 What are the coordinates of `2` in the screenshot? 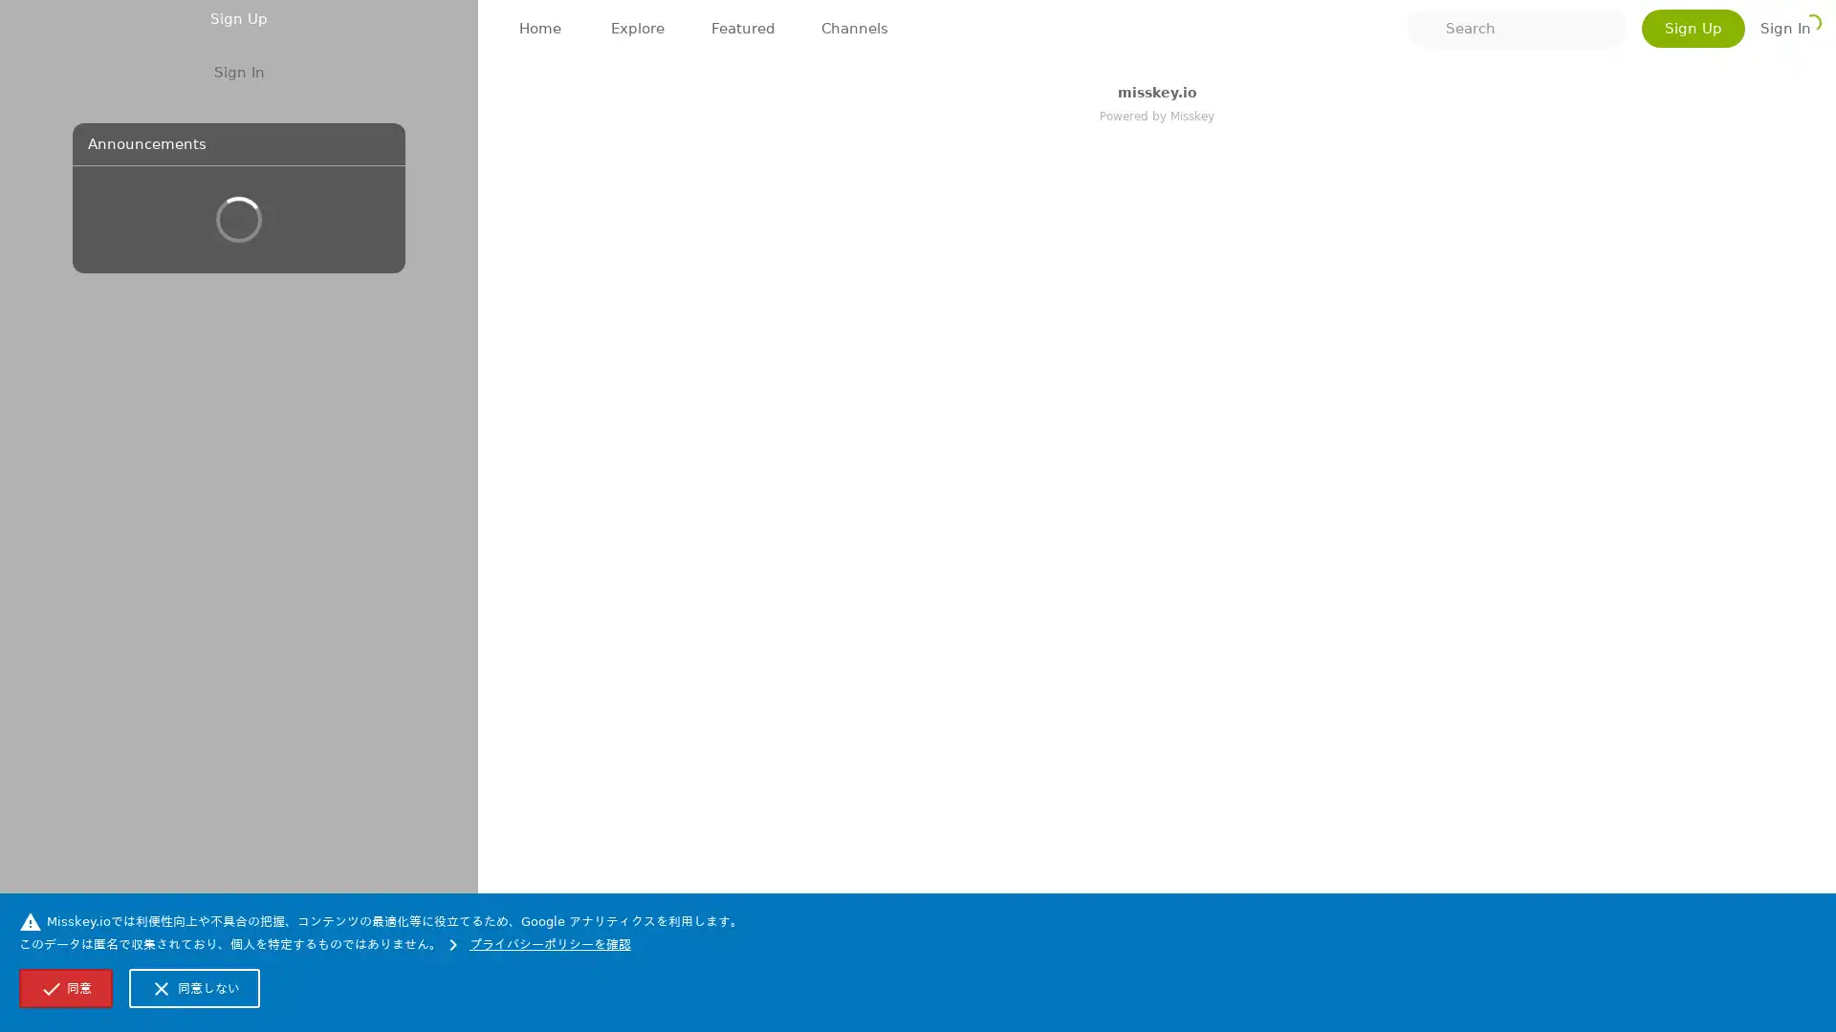 It's located at (661, 293).